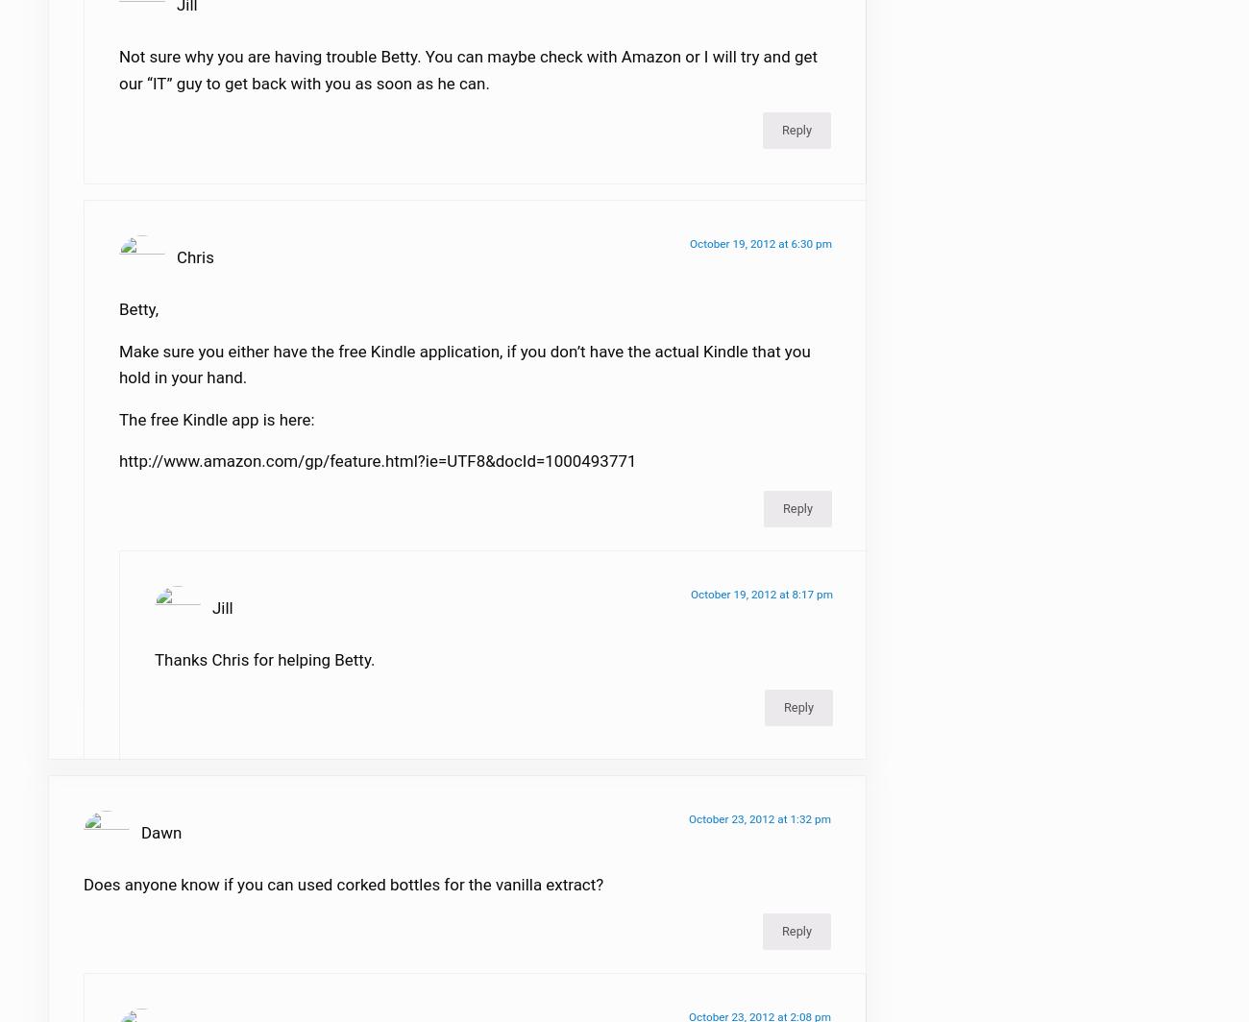 The width and height of the screenshot is (1249, 1022). I want to click on 'October 23, 2012 at 1:32 pm', so click(759, 831).